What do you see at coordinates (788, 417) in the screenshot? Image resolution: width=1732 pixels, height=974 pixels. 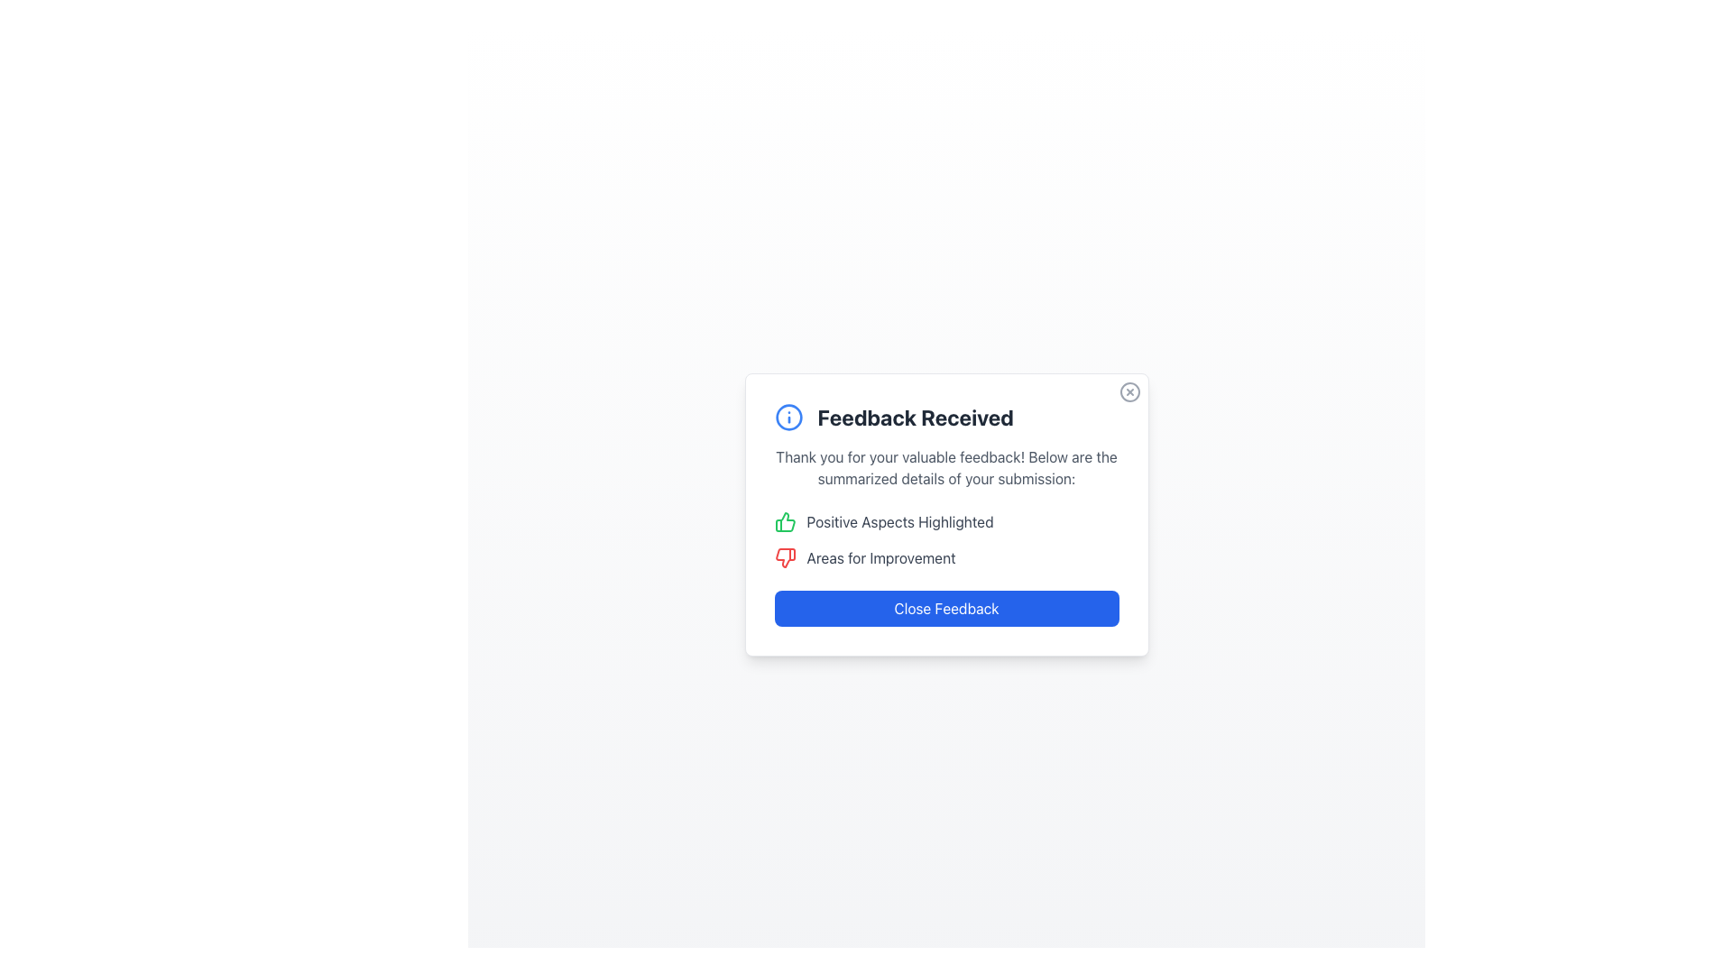 I see `the SVG circle graphic that is part of the information icon in the 'Feedback Received' dialog box` at bounding box center [788, 417].